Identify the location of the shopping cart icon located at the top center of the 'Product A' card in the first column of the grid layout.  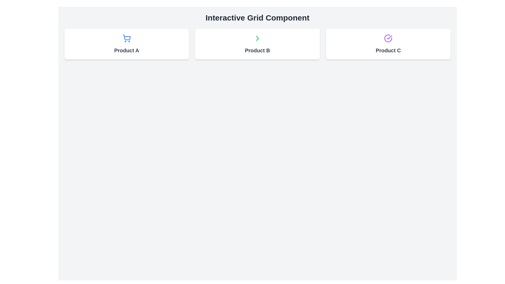
(127, 38).